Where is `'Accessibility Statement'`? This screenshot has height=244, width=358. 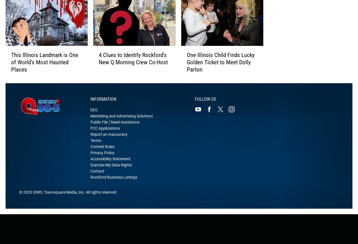
'Accessibility Statement' is located at coordinates (110, 165).